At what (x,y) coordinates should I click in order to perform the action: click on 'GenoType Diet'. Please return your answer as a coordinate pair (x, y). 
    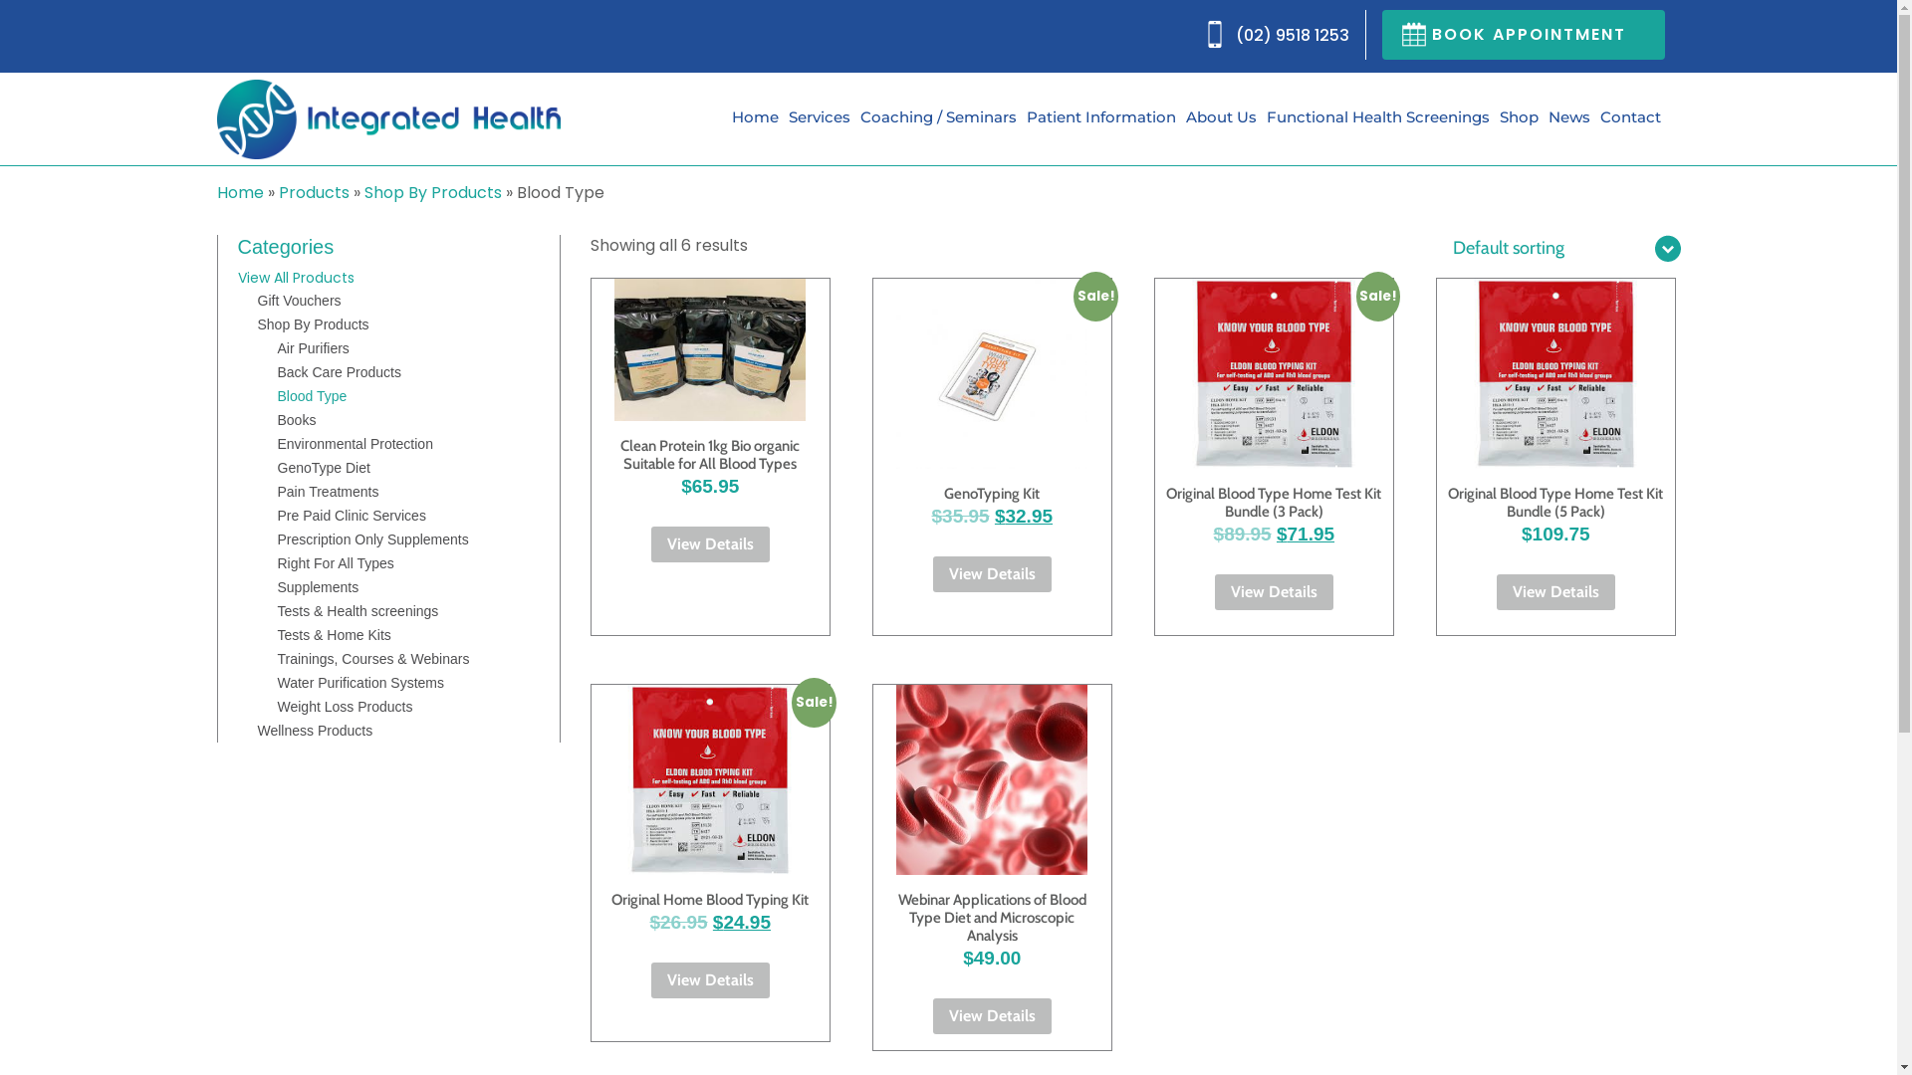
    Looking at the image, I should click on (323, 468).